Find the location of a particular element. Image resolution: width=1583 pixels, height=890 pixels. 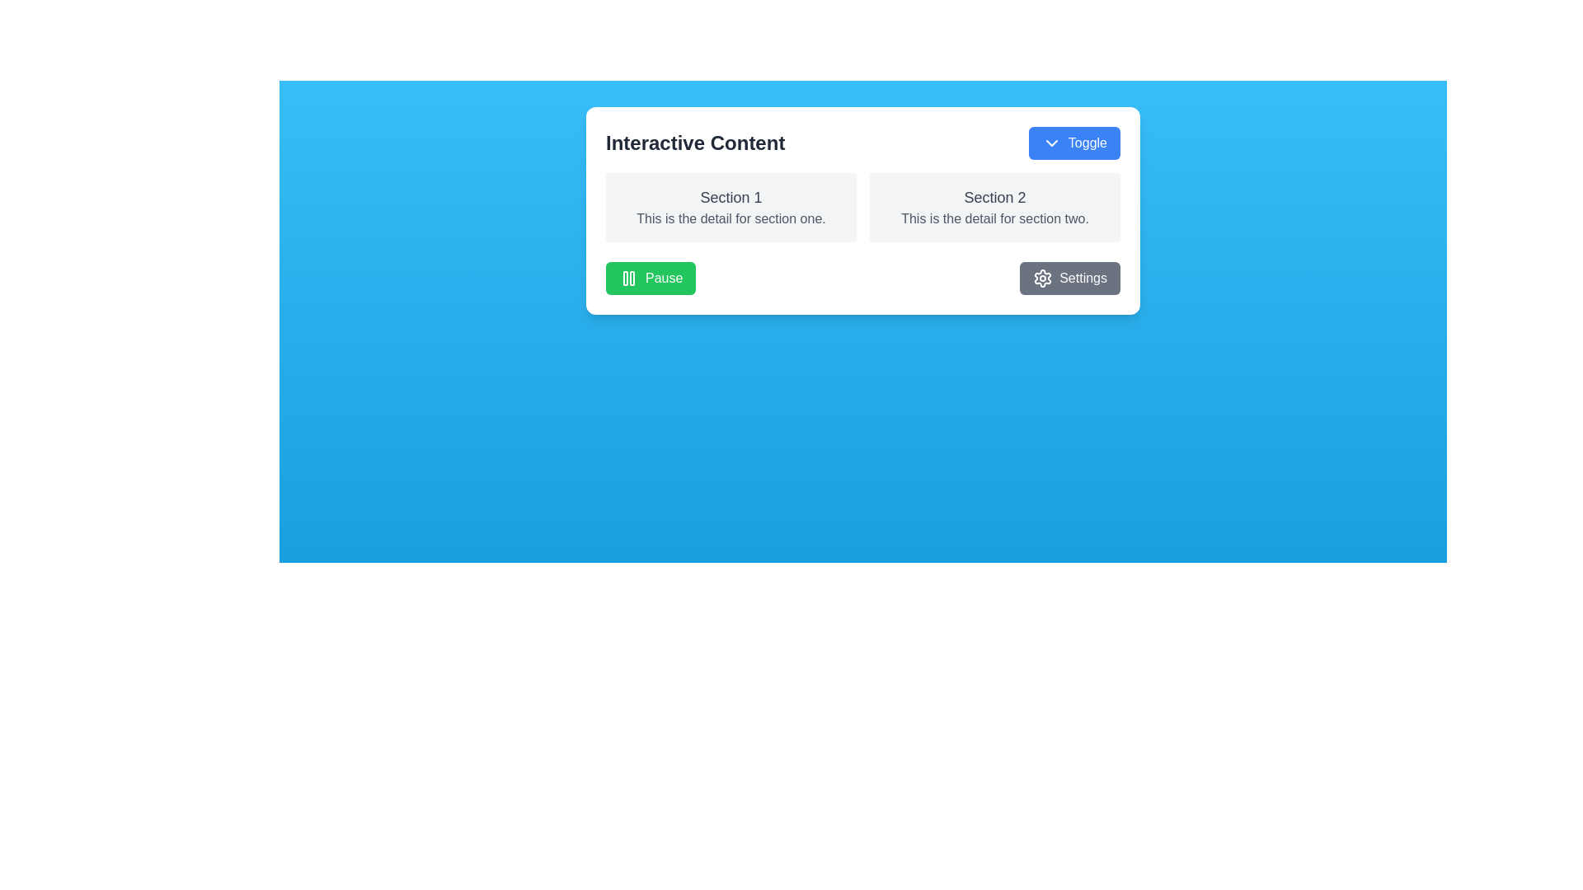

detailed properties of the rightmost vertical green bar of the 'Pause' button located inside the pop-up panel is located at coordinates (632, 278).